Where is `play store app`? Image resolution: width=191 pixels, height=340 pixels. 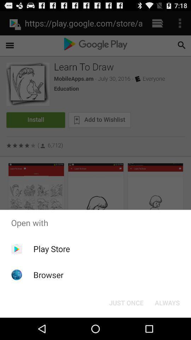
play store app is located at coordinates (51, 249).